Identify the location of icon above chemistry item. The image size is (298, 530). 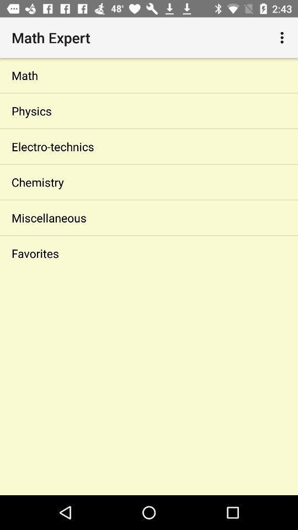
(149, 146).